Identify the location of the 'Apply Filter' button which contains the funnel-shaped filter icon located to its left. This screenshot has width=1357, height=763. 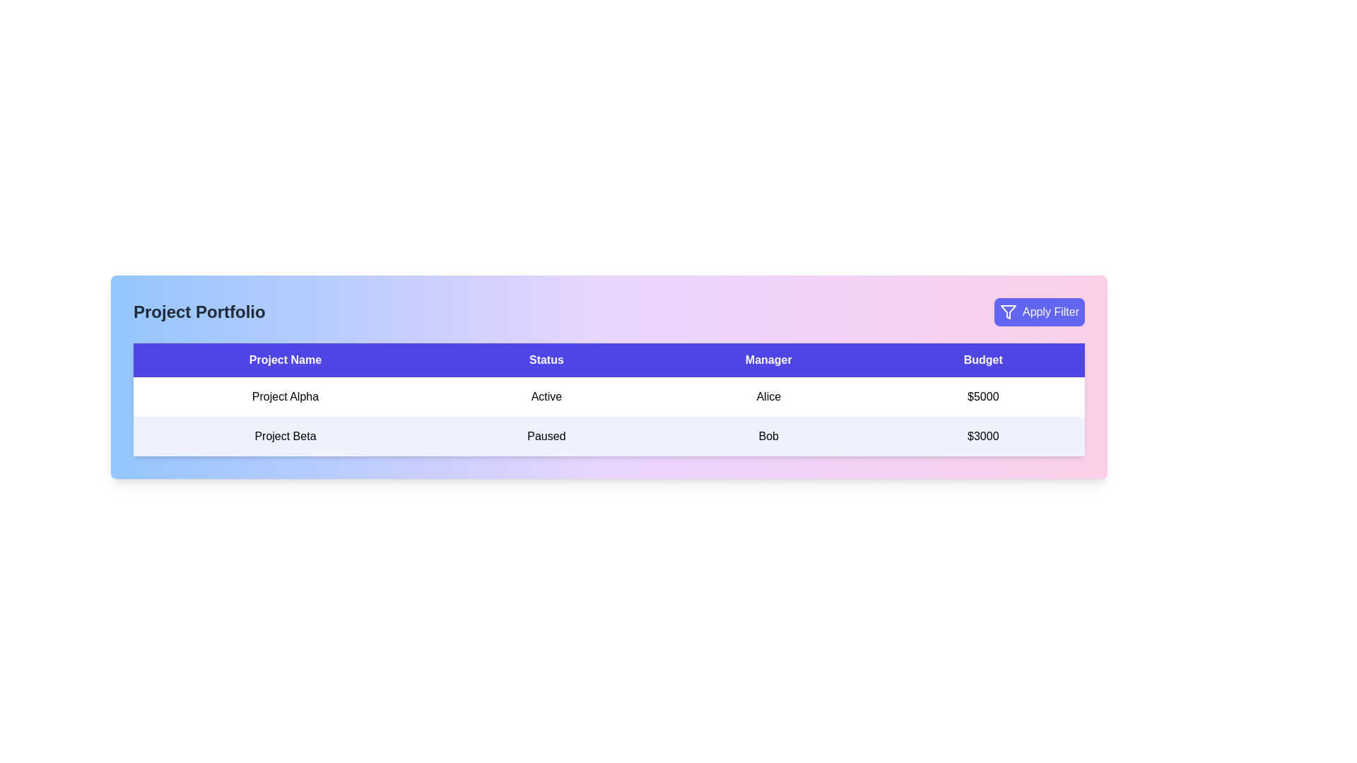
(1007, 312).